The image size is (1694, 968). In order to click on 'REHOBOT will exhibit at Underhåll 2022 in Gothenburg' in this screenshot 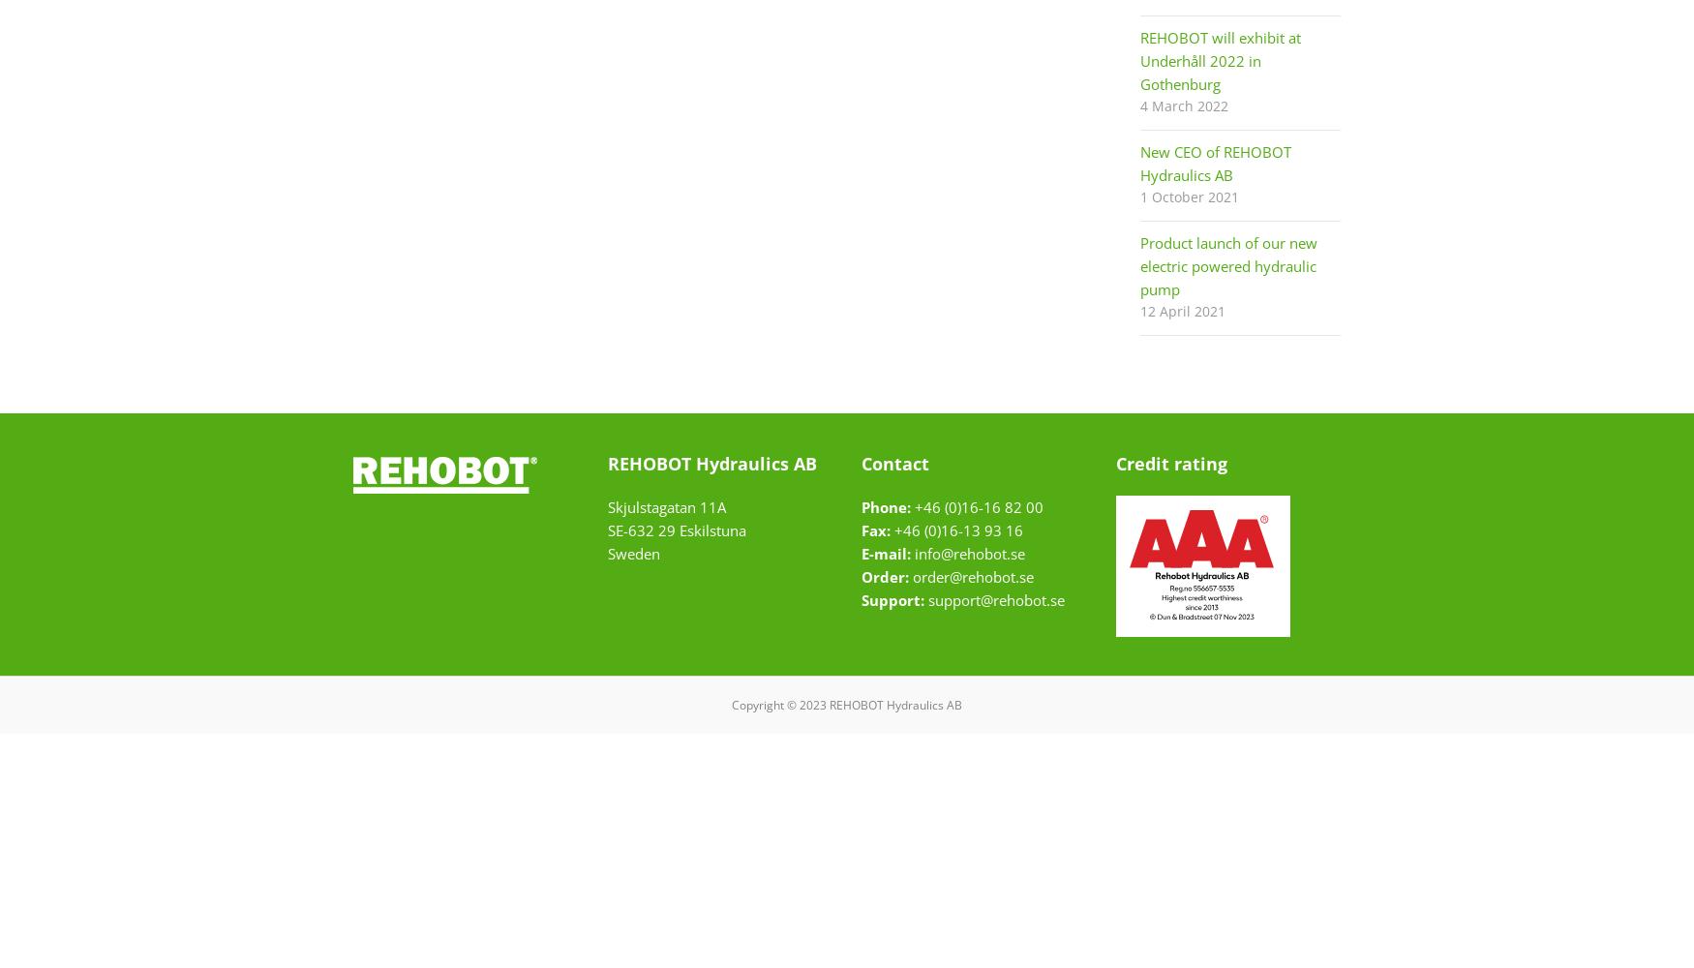, I will do `click(1219, 60)`.